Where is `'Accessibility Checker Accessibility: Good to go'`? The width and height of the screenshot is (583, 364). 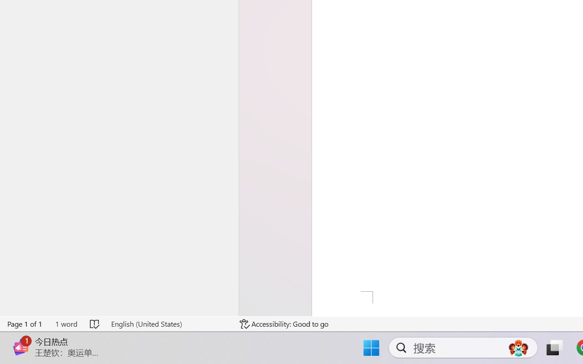
'Accessibility Checker Accessibility: Good to go' is located at coordinates (284, 324).